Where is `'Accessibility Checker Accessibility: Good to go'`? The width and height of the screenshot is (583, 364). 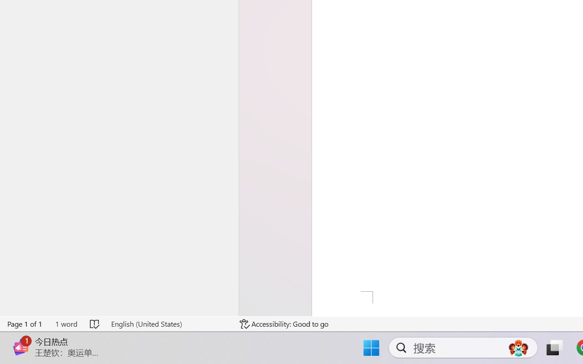
'Accessibility Checker Accessibility: Good to go' is located at coordinates (284, 324).